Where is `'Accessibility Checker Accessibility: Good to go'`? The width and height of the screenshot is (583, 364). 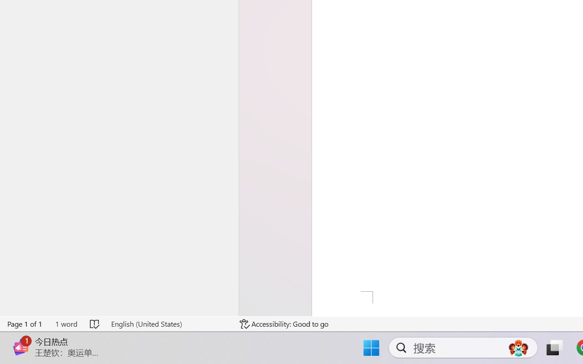
'Accessibility Checker Accessibility: Good to go' is located at coordinates (284, 324).